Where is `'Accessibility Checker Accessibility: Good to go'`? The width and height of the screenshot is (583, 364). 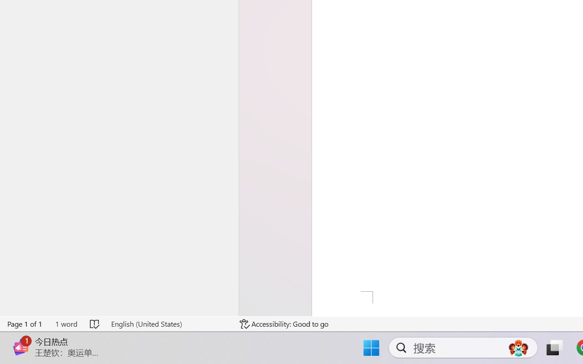
'Accessibility Checker Accessibility: Good to go' is located at coordinates (284, 324).